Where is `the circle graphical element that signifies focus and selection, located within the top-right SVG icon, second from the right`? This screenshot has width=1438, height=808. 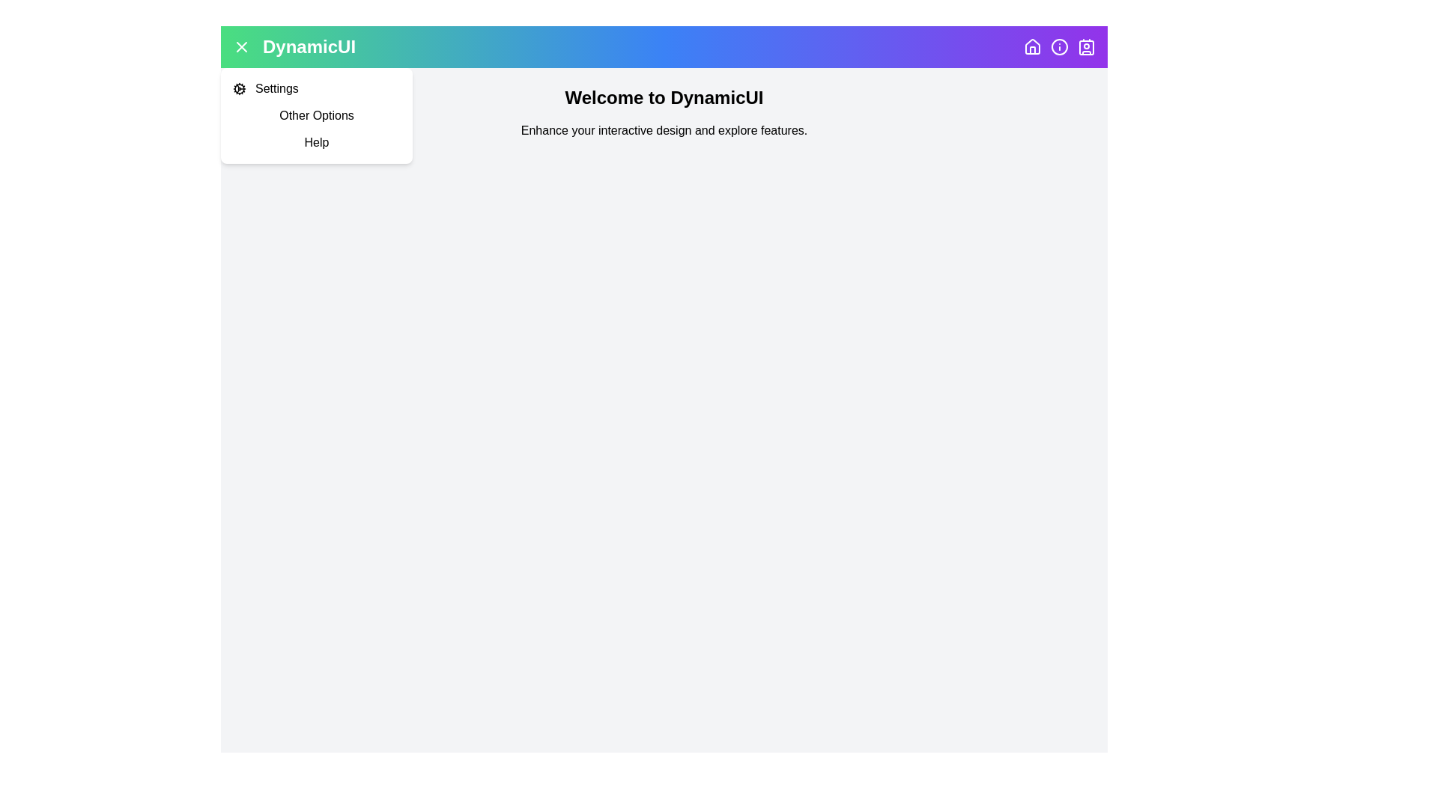 the circle graphical element that signifies focus and selection, located within the top-right SVG icon, second from the right is located at coordinates (1059, 46).